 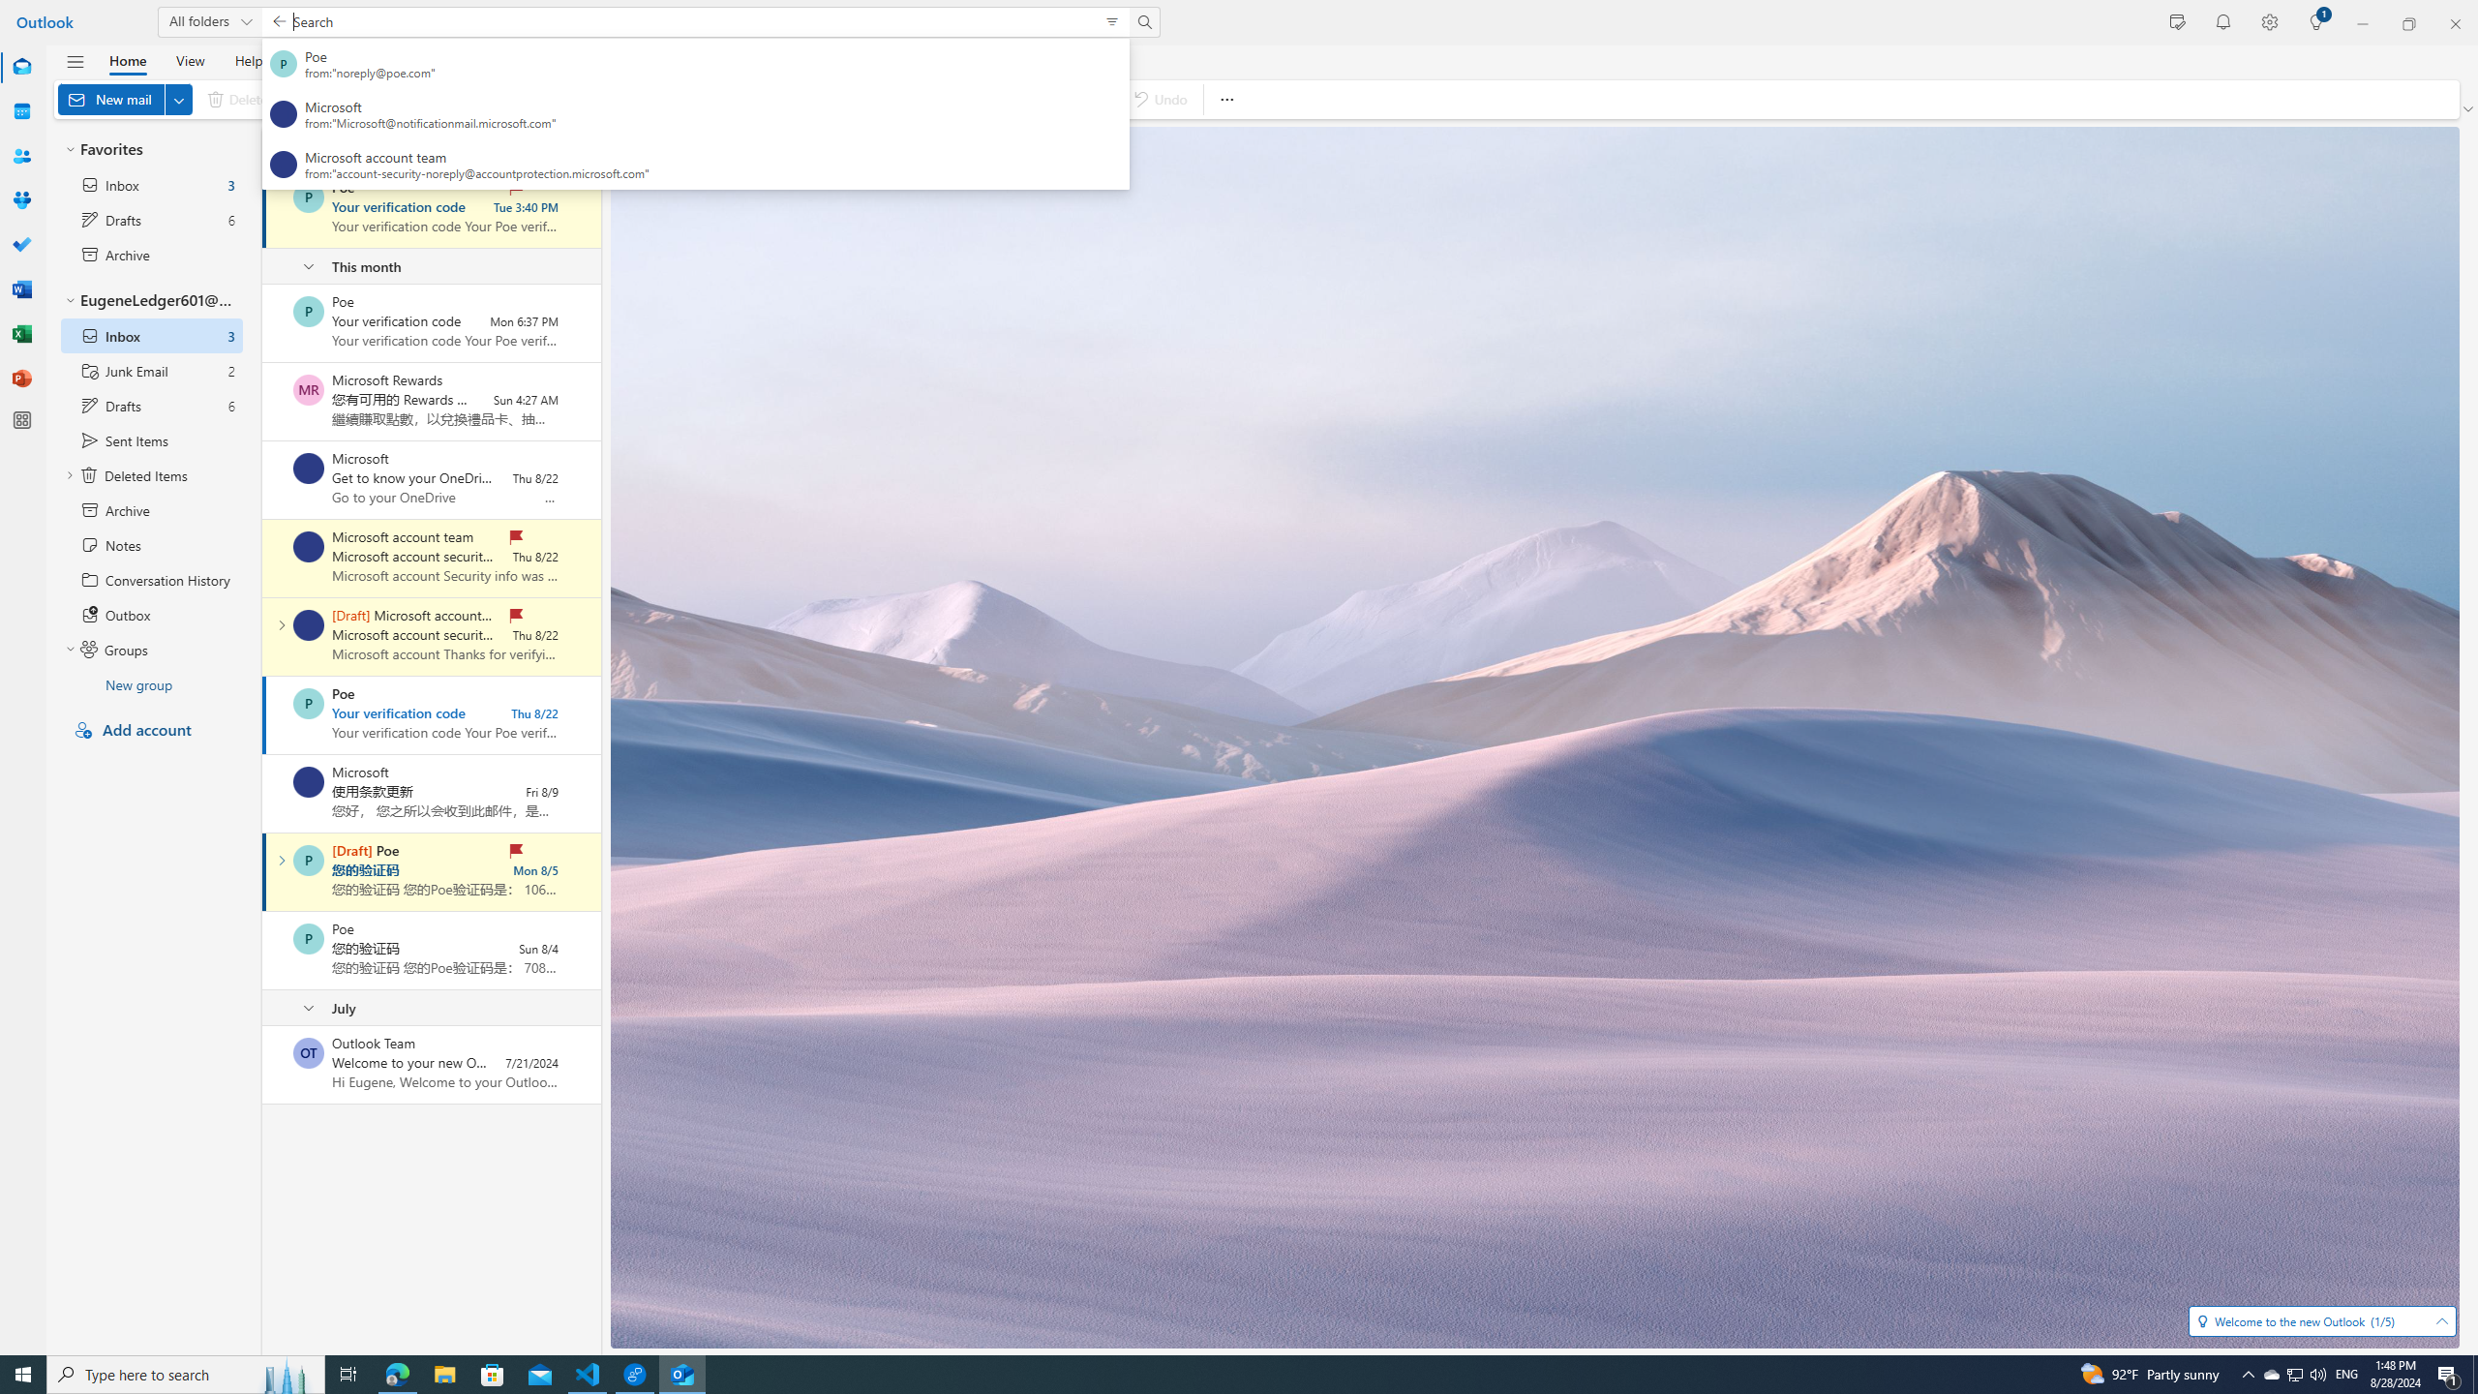 I want to click on 'Outlook Team', so click(x=307, y=1052).